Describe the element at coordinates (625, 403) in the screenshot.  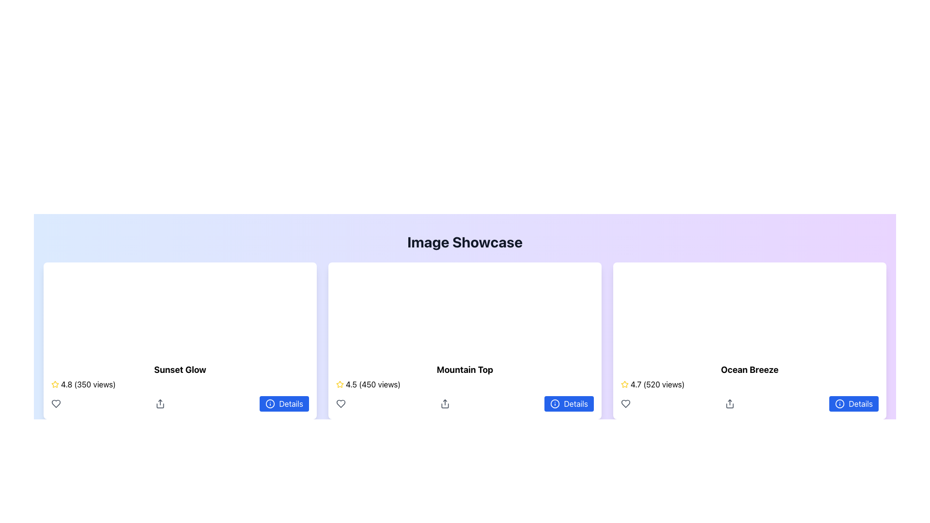
I see `the heart icon with a hollow outline located in the third image card labeled 'Ocean Breeze', positioned below the rating text and above the social sharing icon` at that location.